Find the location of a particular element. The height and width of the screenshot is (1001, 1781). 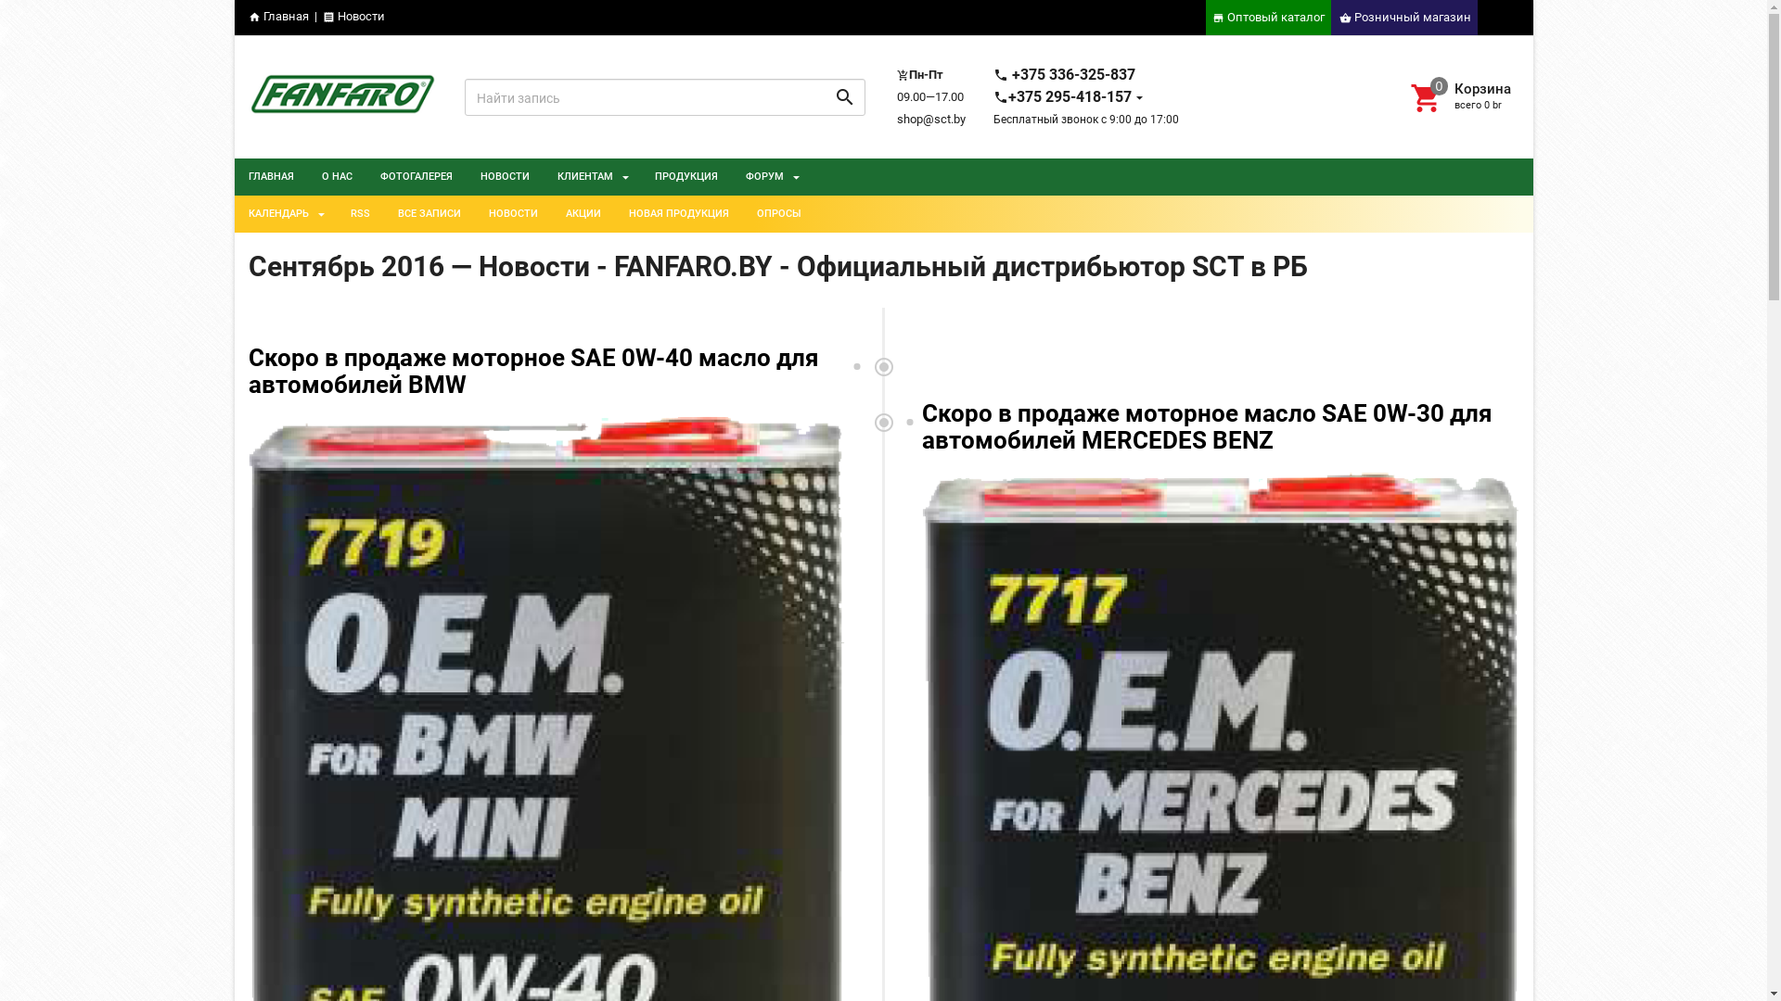

'RSS' is located at coordinates (359, 213).